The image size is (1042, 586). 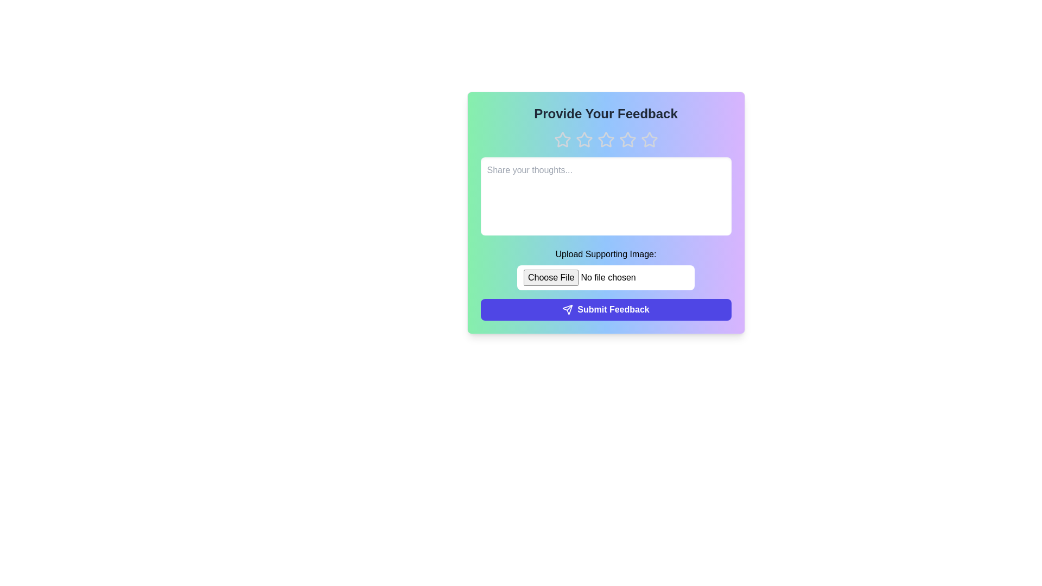 I want to click on the third star icon in the horizontal group of five stars, so click(x=605, y=139).